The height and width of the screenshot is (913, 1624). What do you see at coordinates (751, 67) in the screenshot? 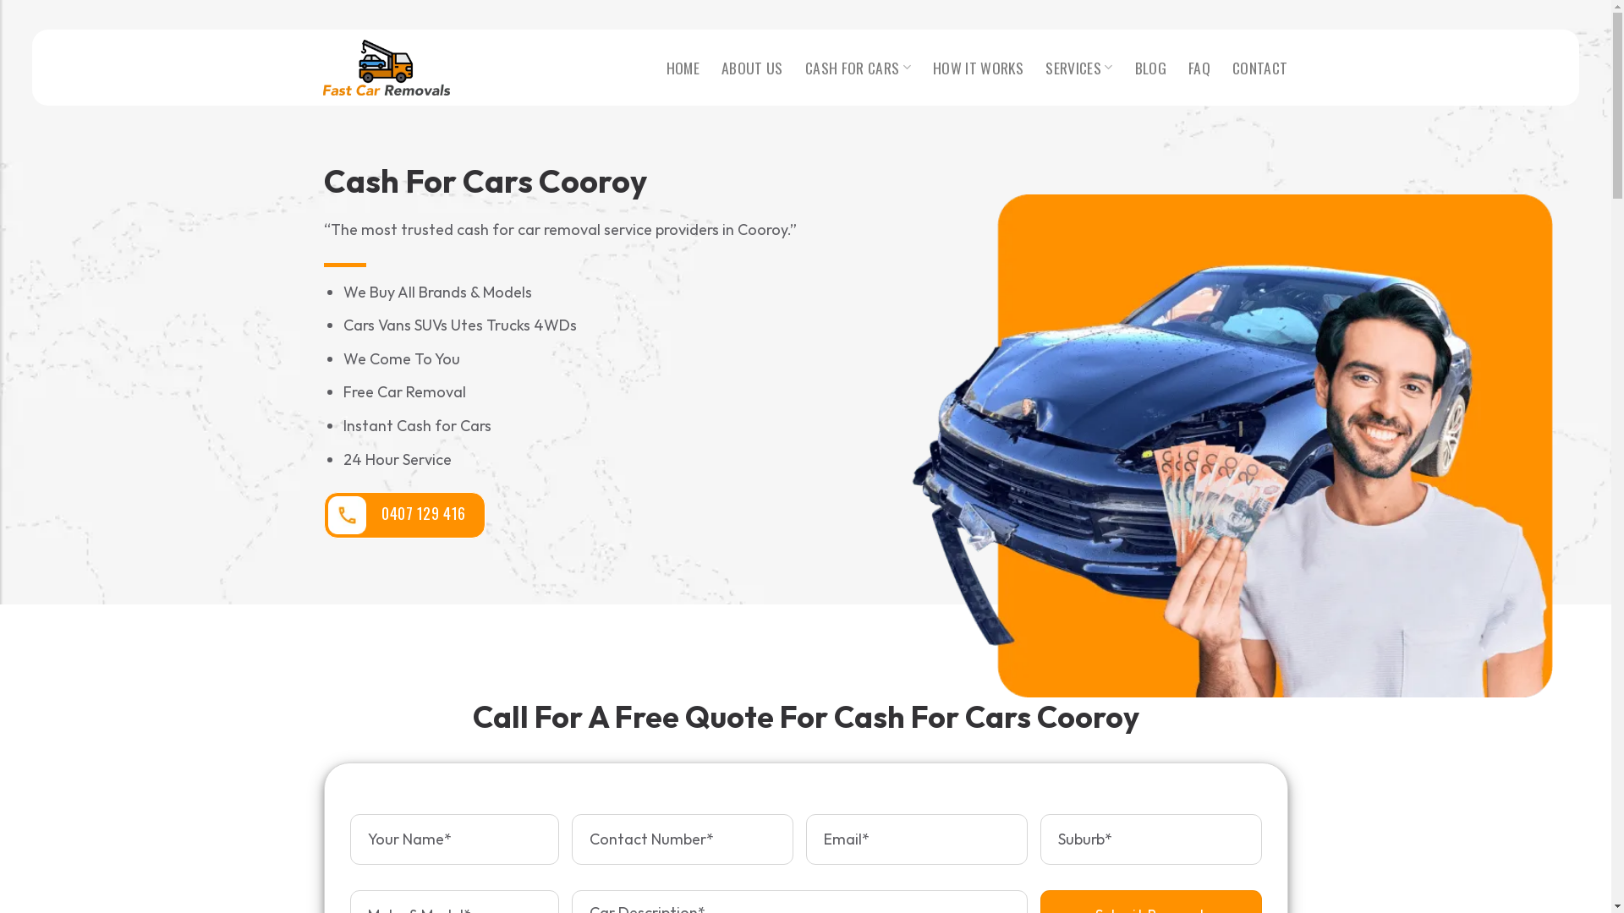
I see `'ABOUT US'` at bounding box center [751, 67].